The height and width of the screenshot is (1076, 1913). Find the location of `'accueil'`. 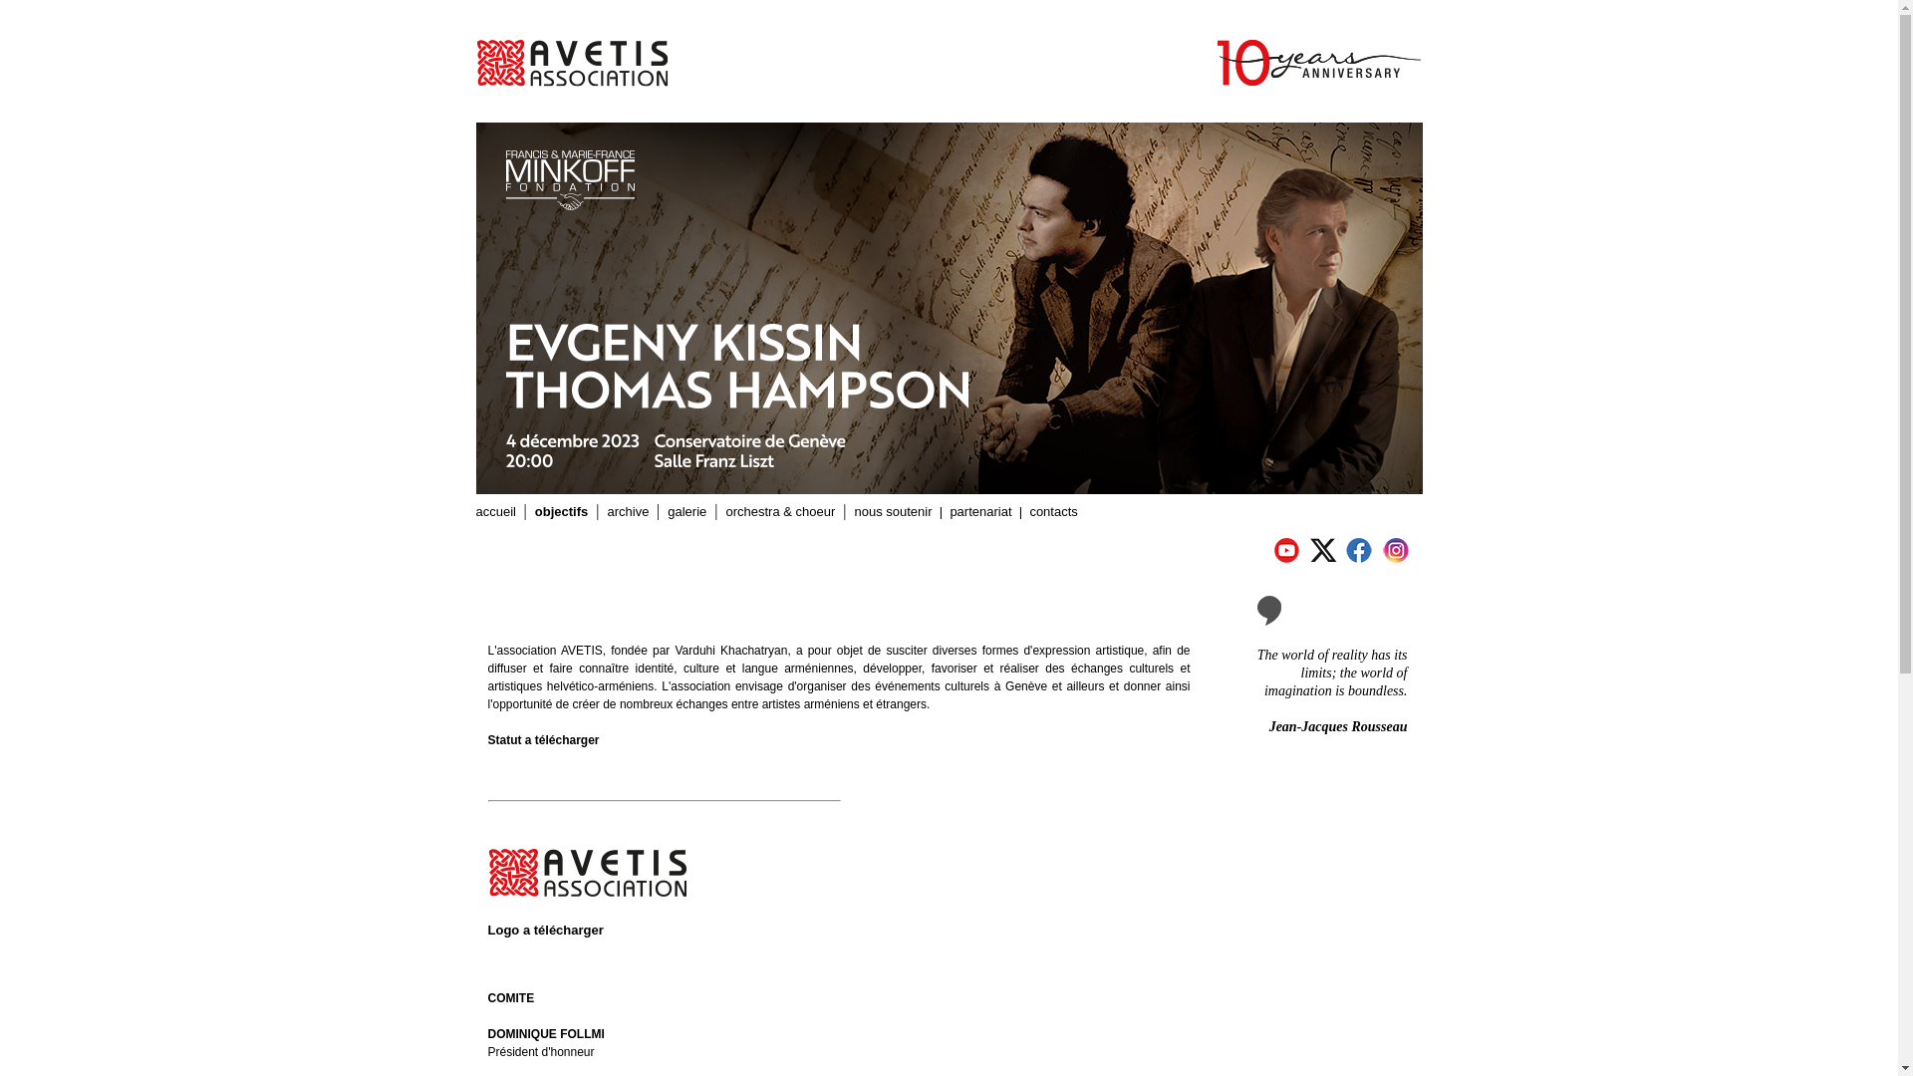

'accueil' is located at coordinates (496, 510).